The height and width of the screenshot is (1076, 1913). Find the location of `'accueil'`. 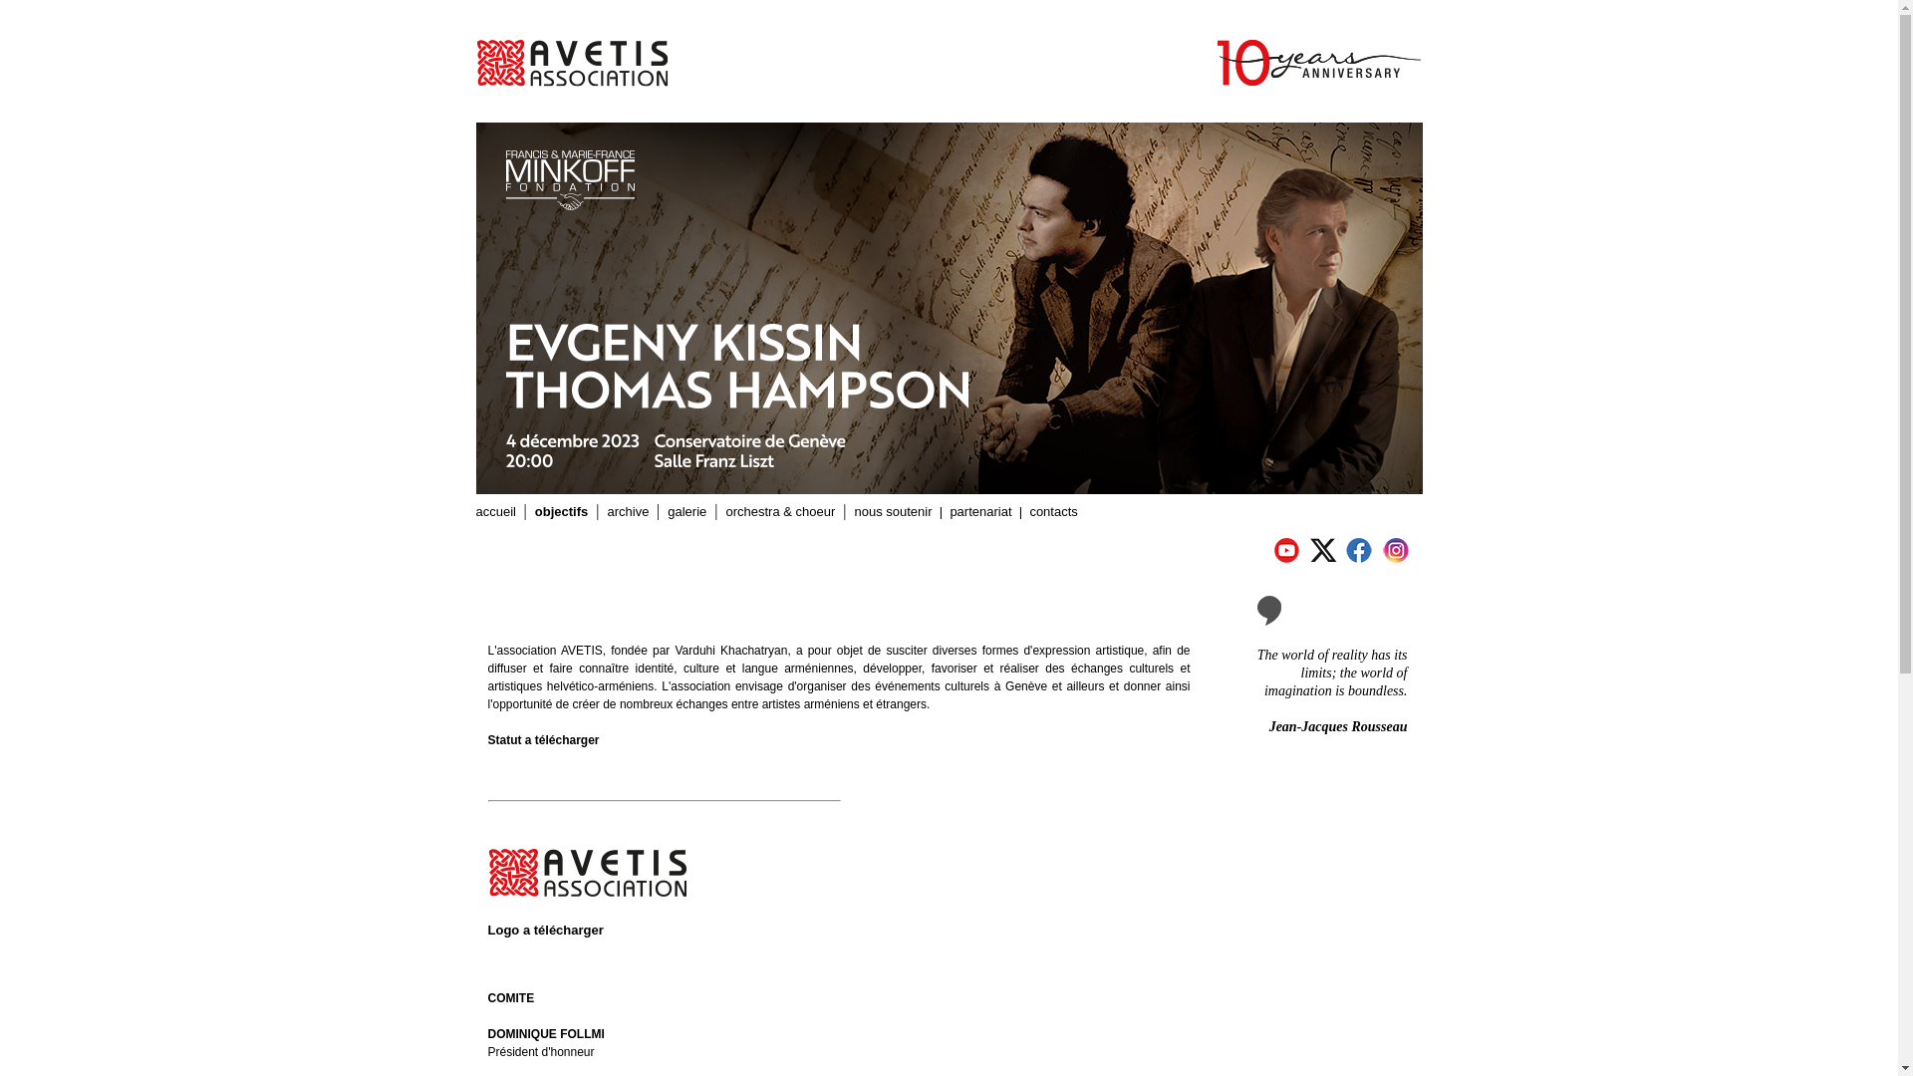

'accueil' is located at coordinates (496, 510).